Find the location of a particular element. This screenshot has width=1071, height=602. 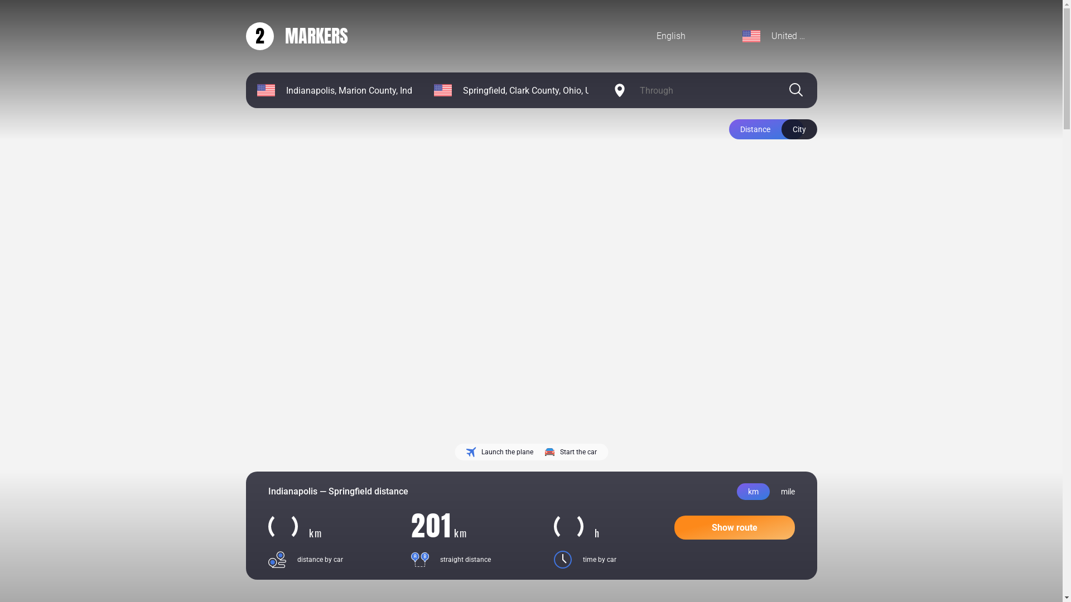

'Show route' is located at coordinates (673, 527).